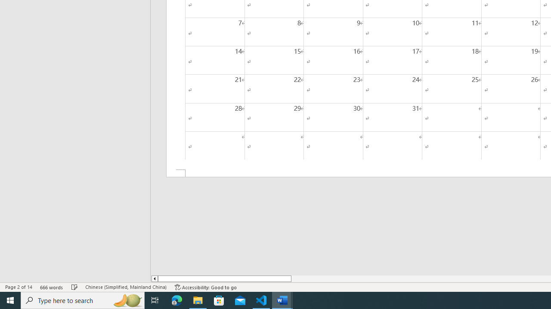 The height and width of the screenshot is (309, 551). Describe the element at coordinates (154, 279) in the screenshot. I see `'Column left'` at that location.